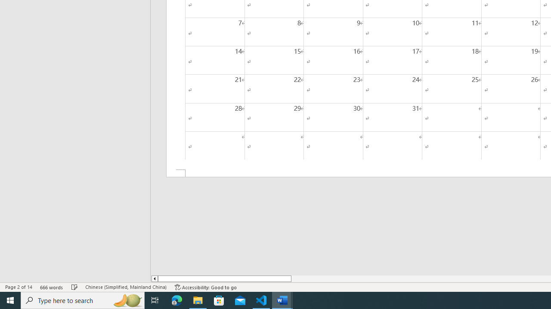 The height and width of the screenshot is (309, 551). Describe the element at coordinates (154, 279) in the screenshot. I see `'Column left'` at that location.